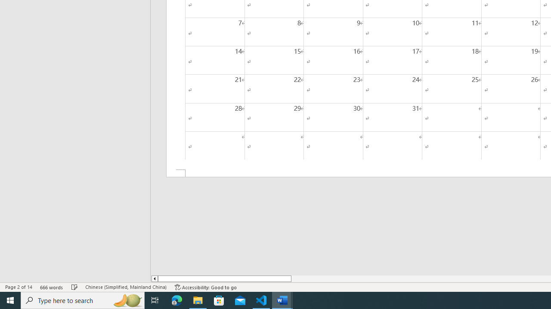 The height and width of the screenshot is (309, 551). Describe the element at coordinates (154, 279) in the screenshot. I see `'Column left'` at that location.